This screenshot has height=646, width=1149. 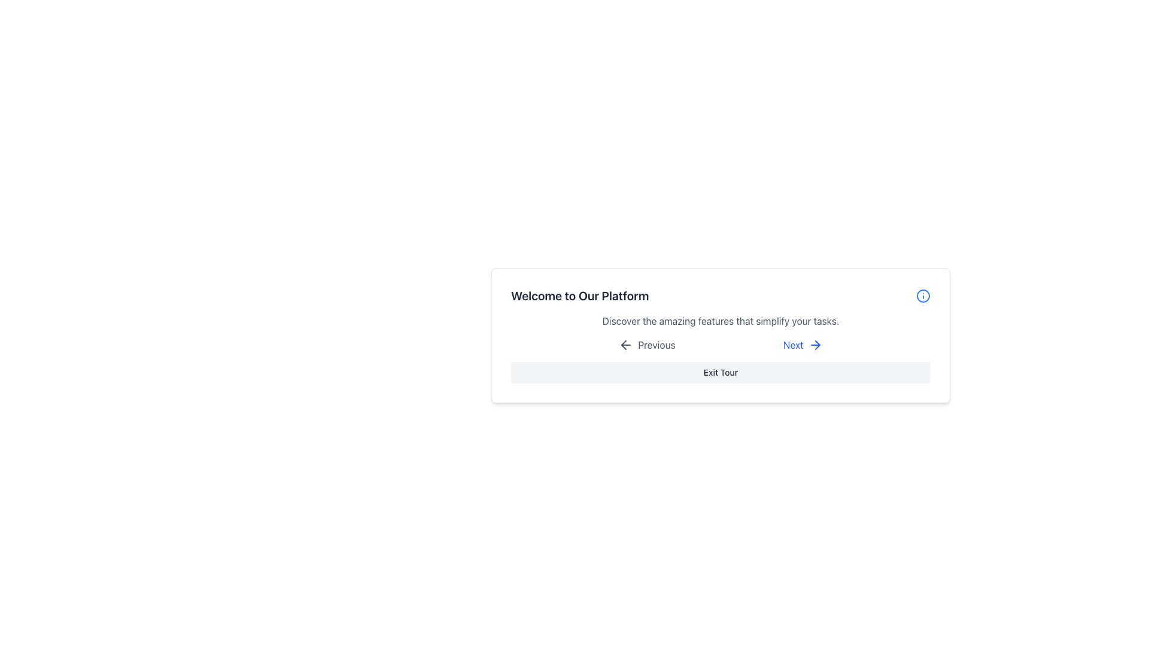 What do you see at coordinates (625, 345) in the screenshot?
I see `the 'Previous' icon located on the left side of the 'Previous' button in the lower-middle section of the card, which indicates the backward navigational action` at bounding box center [625, 345].